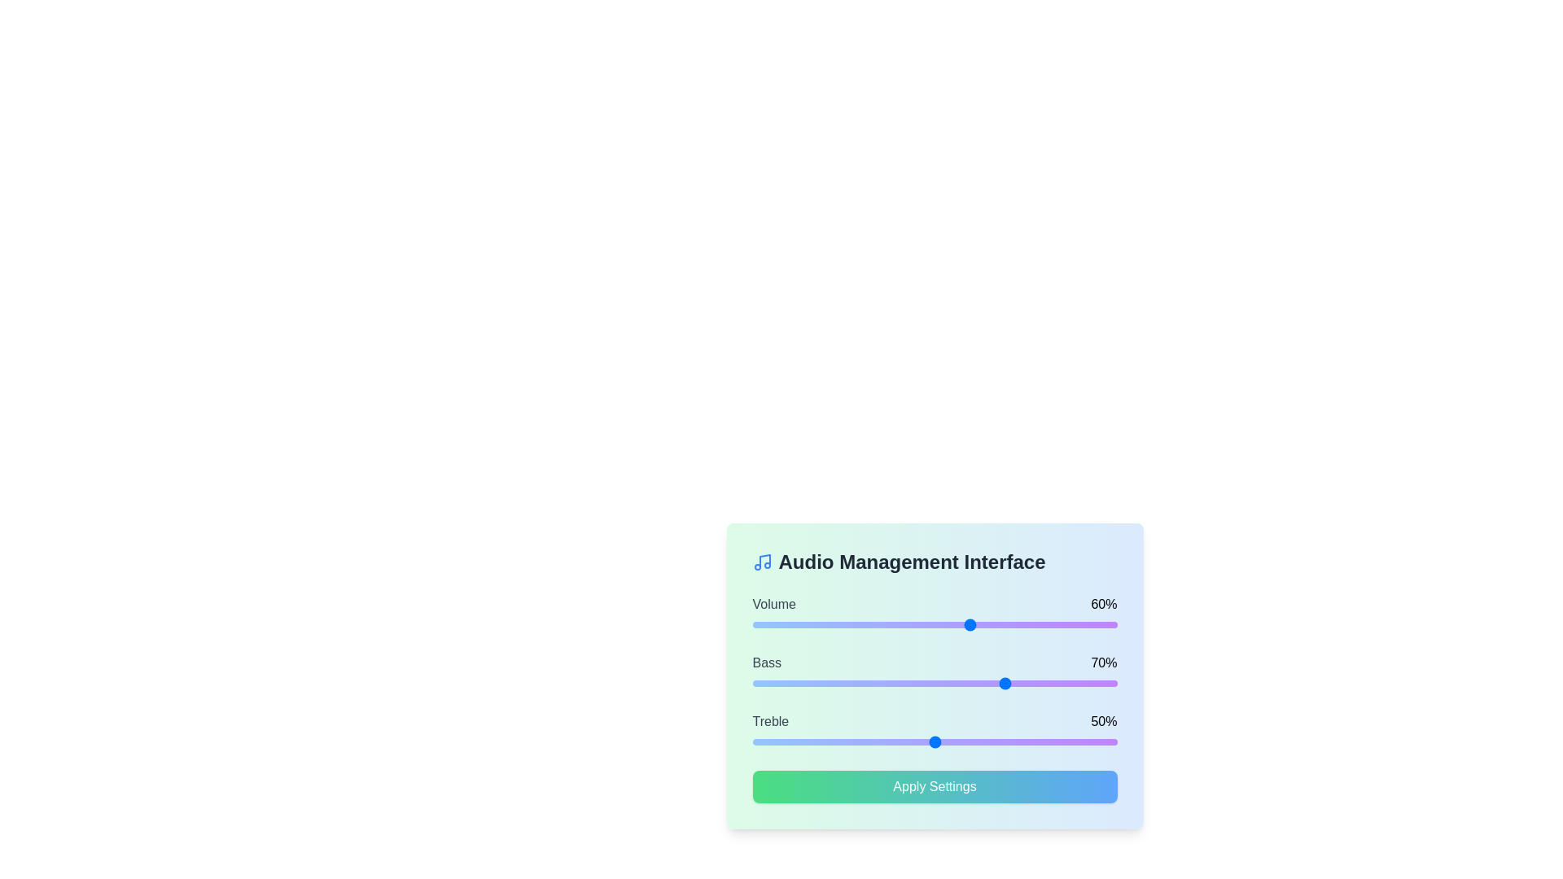  I want to click on text of the heading element that indicates the section related to audio management settings, located at the top of the rounded box with a gradient background, so click(935, 561).